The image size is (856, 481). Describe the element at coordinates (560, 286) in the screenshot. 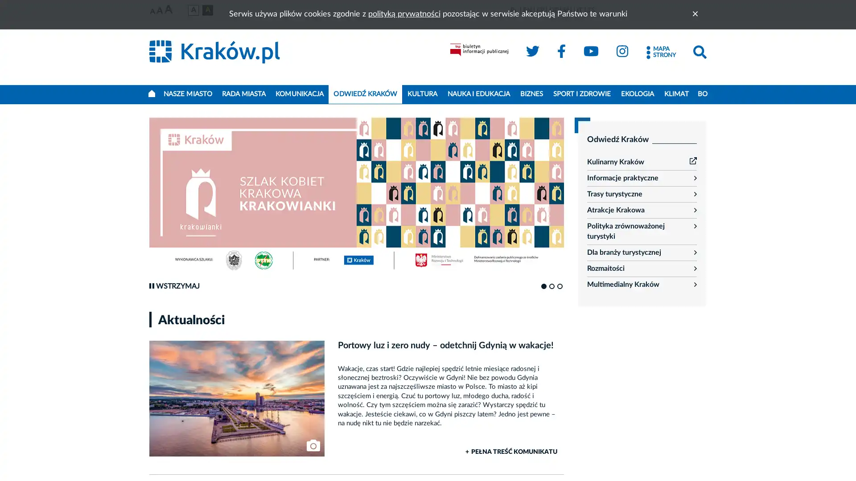

I see `Go to slide 3` at that location.